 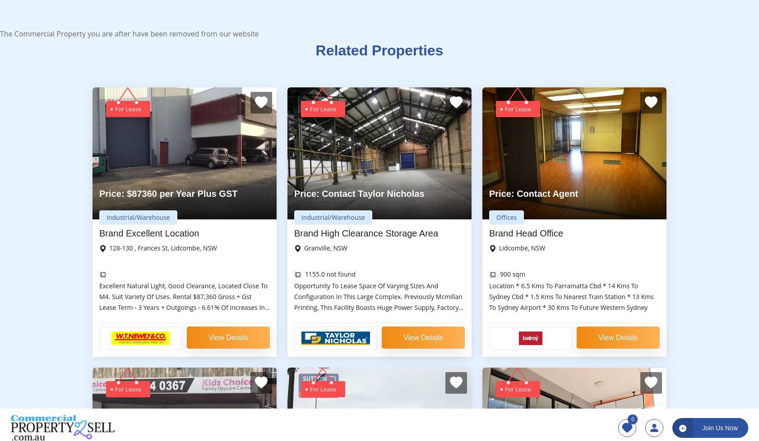 I want to click on '3108 sqm', so click(x=319, y=145).